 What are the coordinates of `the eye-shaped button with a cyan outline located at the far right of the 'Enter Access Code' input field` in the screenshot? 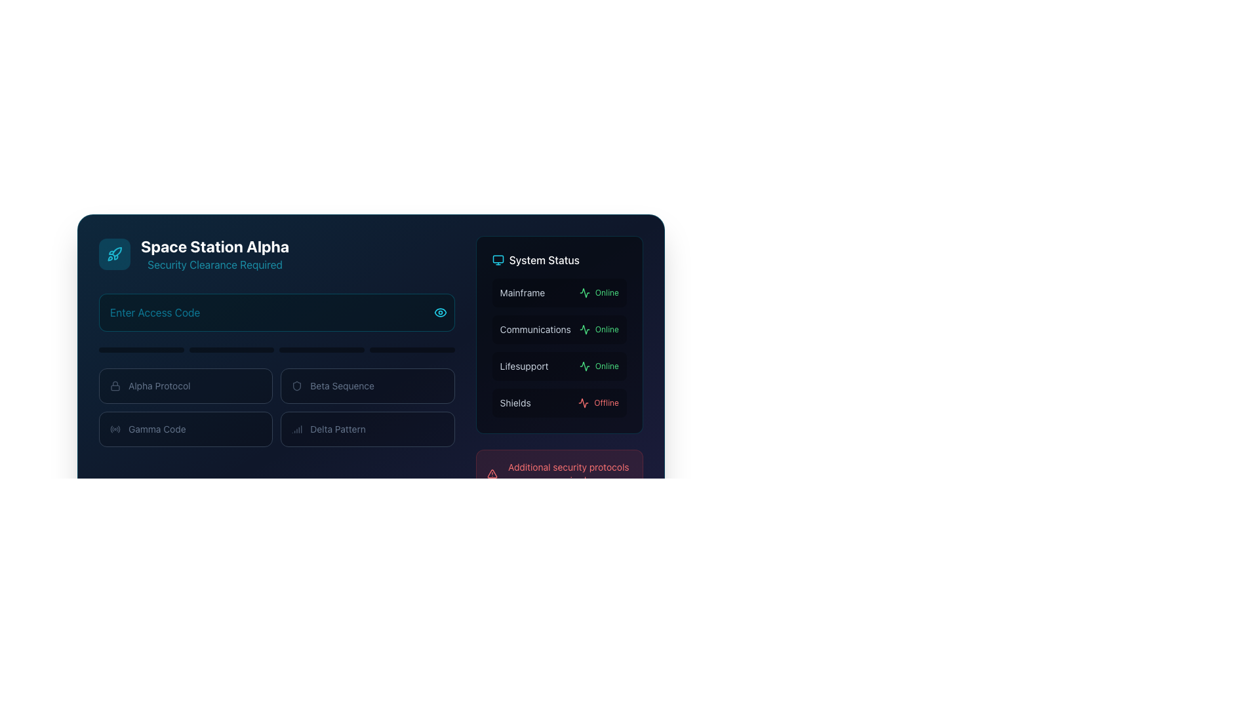 It's located at (440, 313).